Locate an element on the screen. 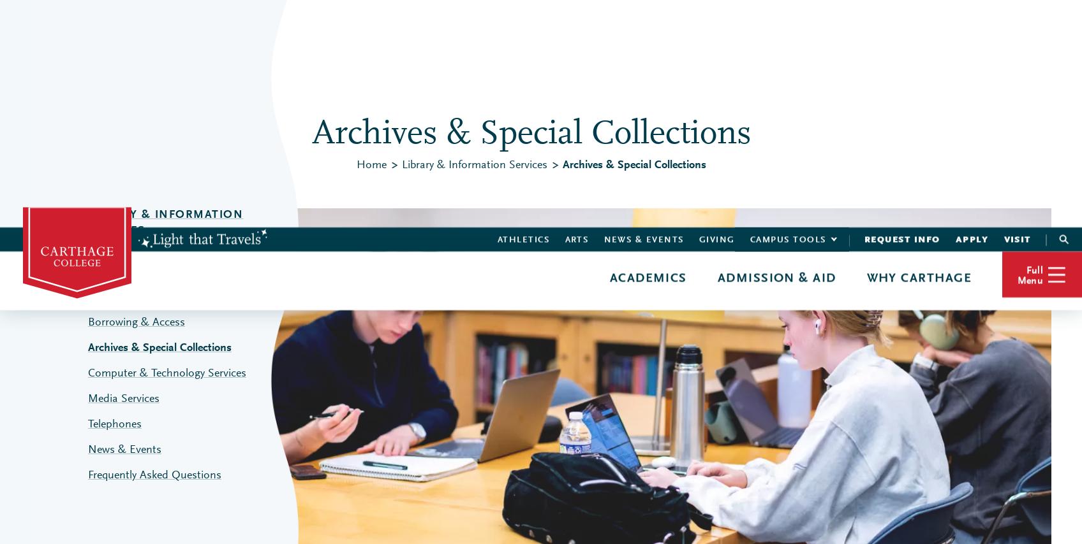  'Apply' is located at coordinates (971, 11).